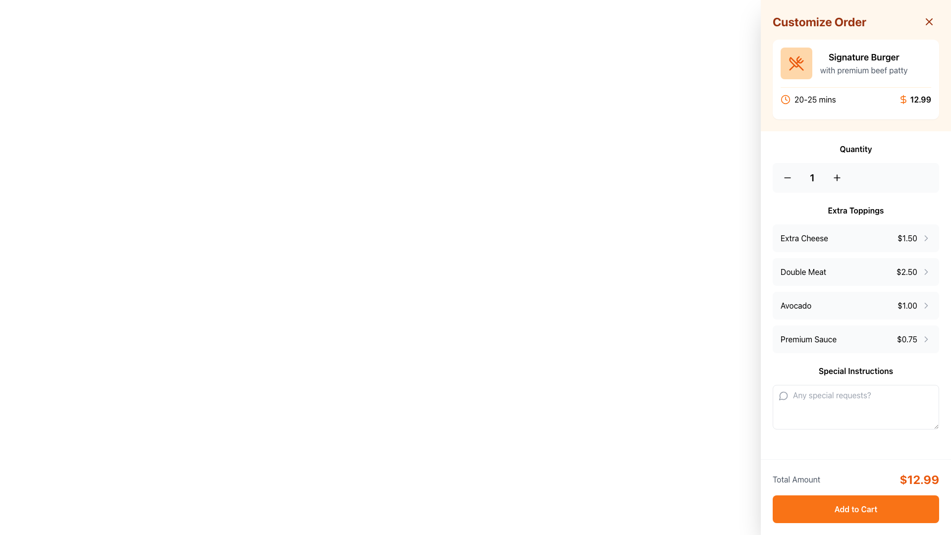 The height and width of the screenshot is (535, 951). Describe the element at coordinates (907, 238) in the screenshot. I see `the text label displaying '$1.50', which is part of the 'Extra Toppings' section, aligned to the right of the 'Extra Cheese' label` at that location.